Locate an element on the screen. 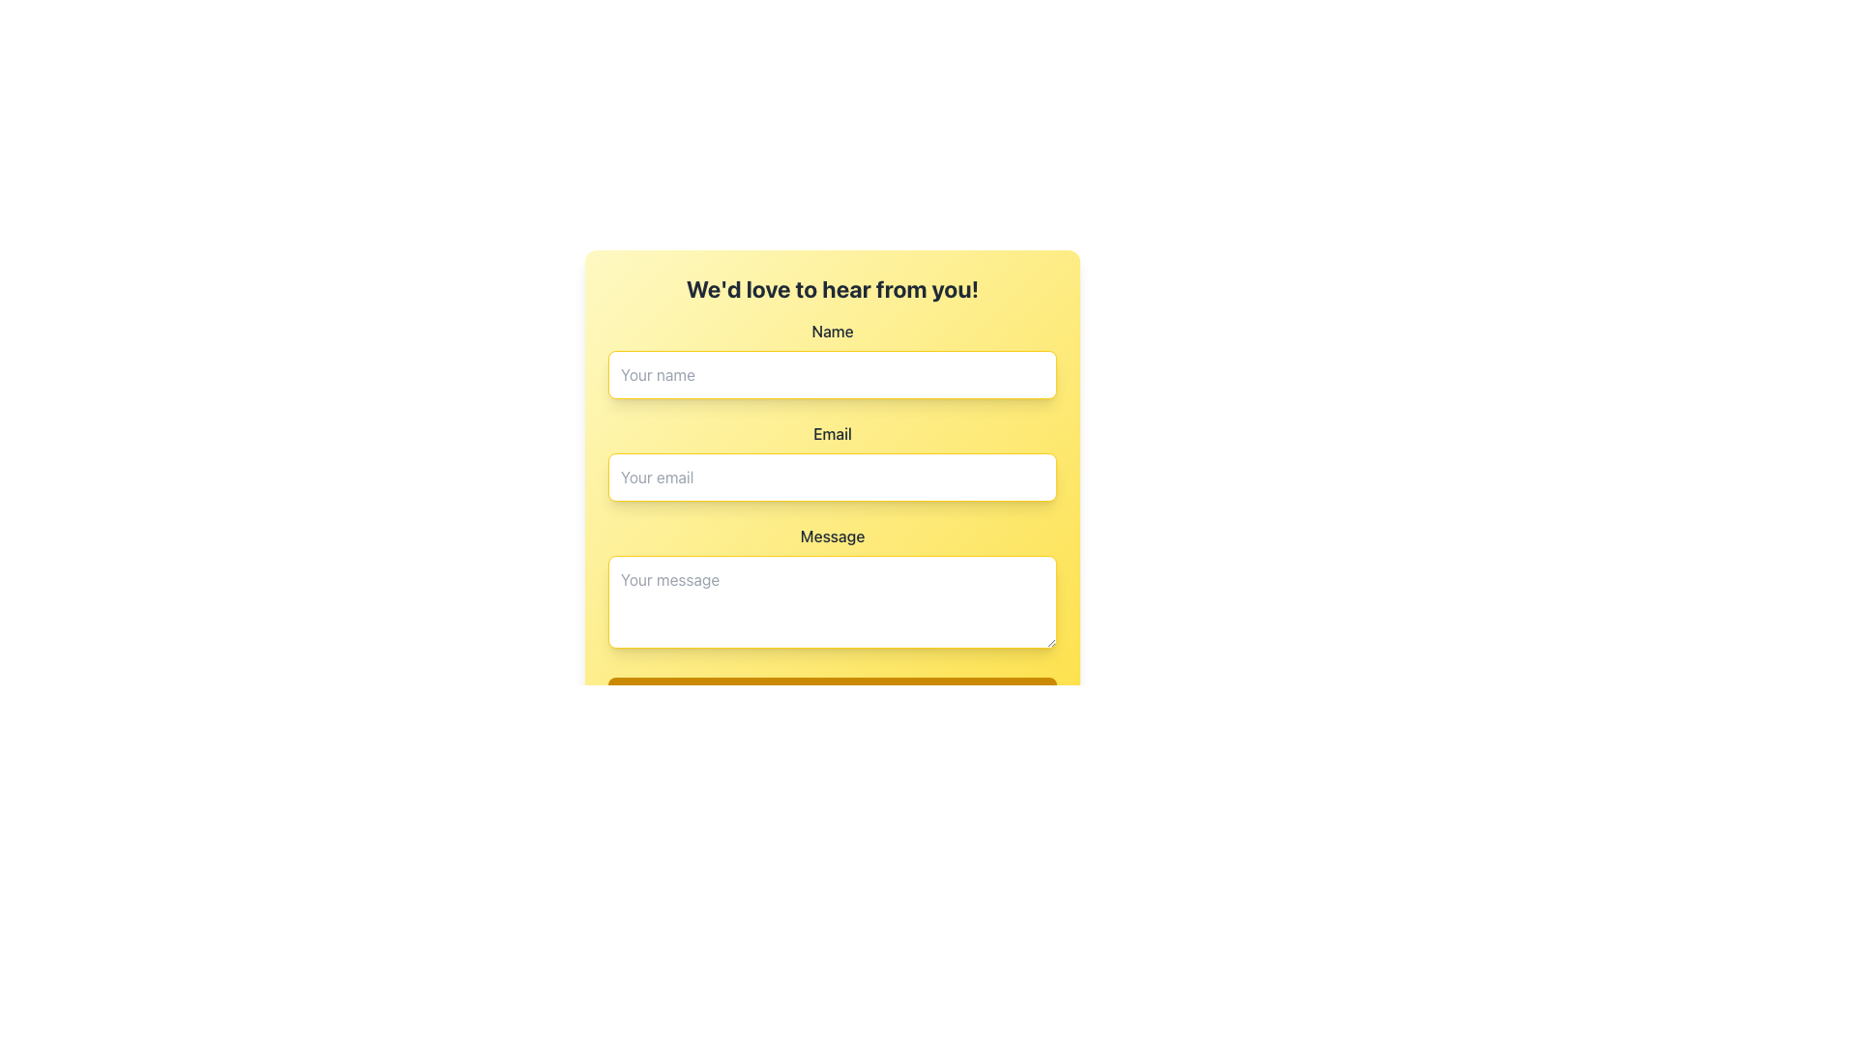 This screenshot has width=1857, height=1044. the email input field, which is styled with a yellow border and rounded corners, containing the placeholder text 'Your email' is located at coordinates (832, 462).